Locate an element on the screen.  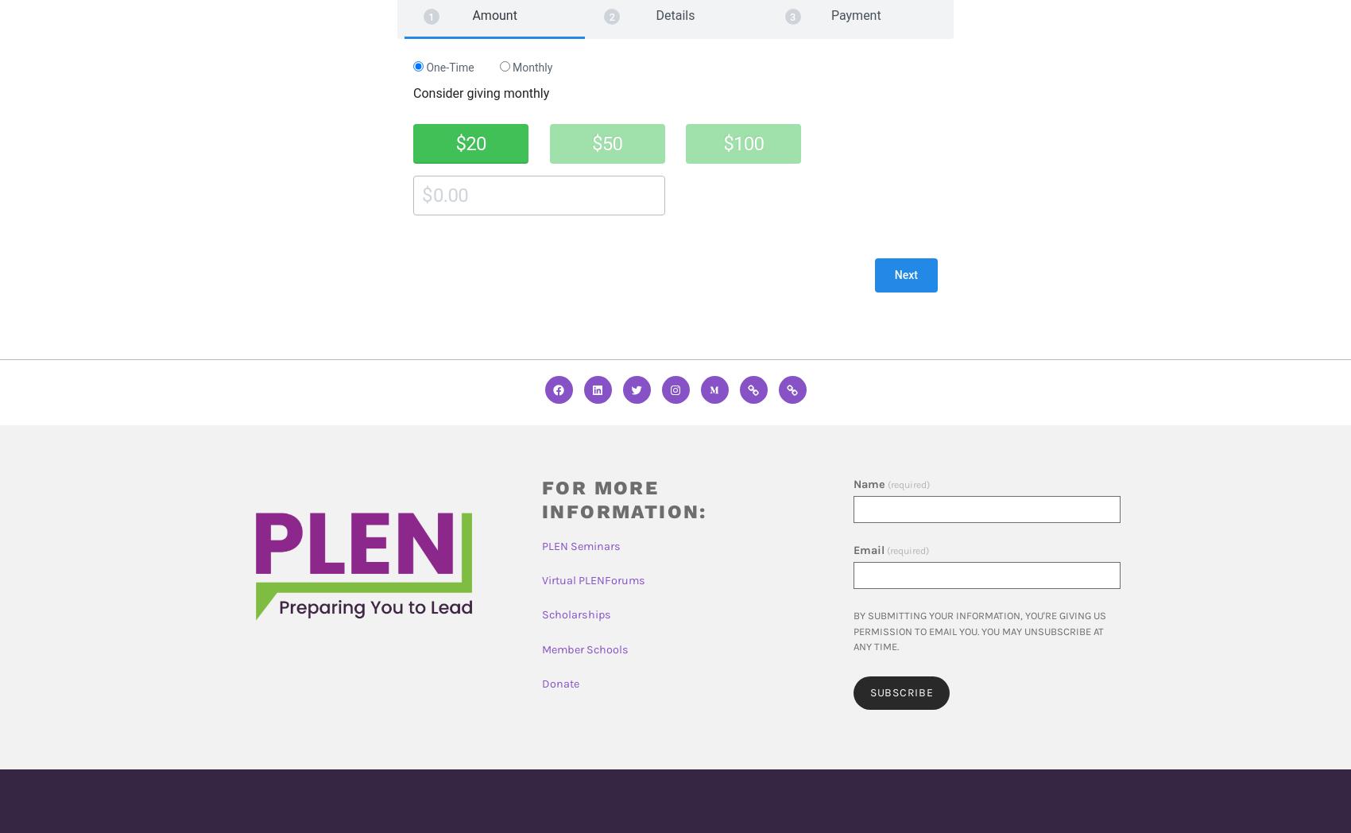
'Amount' is located at coordinates (494, 14).